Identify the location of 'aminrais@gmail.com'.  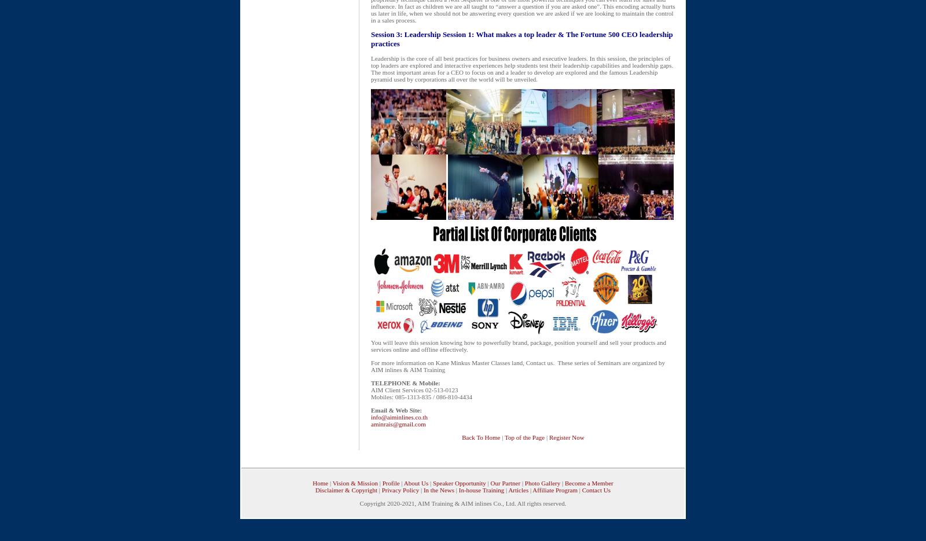
(399, 424).